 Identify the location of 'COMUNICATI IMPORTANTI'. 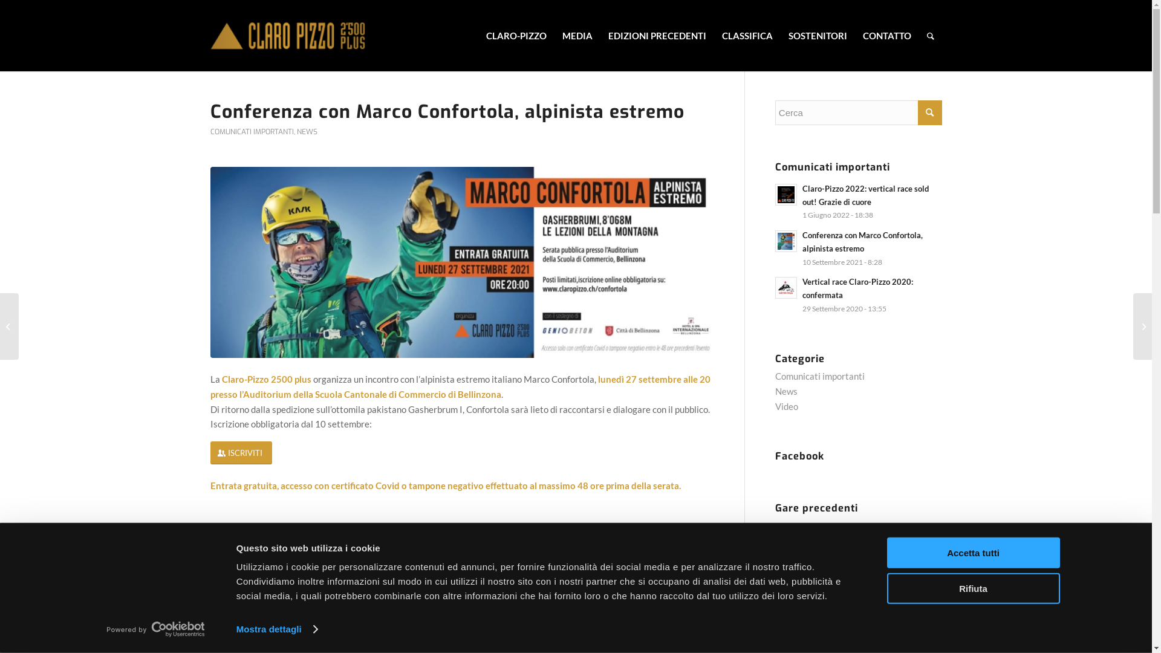
(252, 132).